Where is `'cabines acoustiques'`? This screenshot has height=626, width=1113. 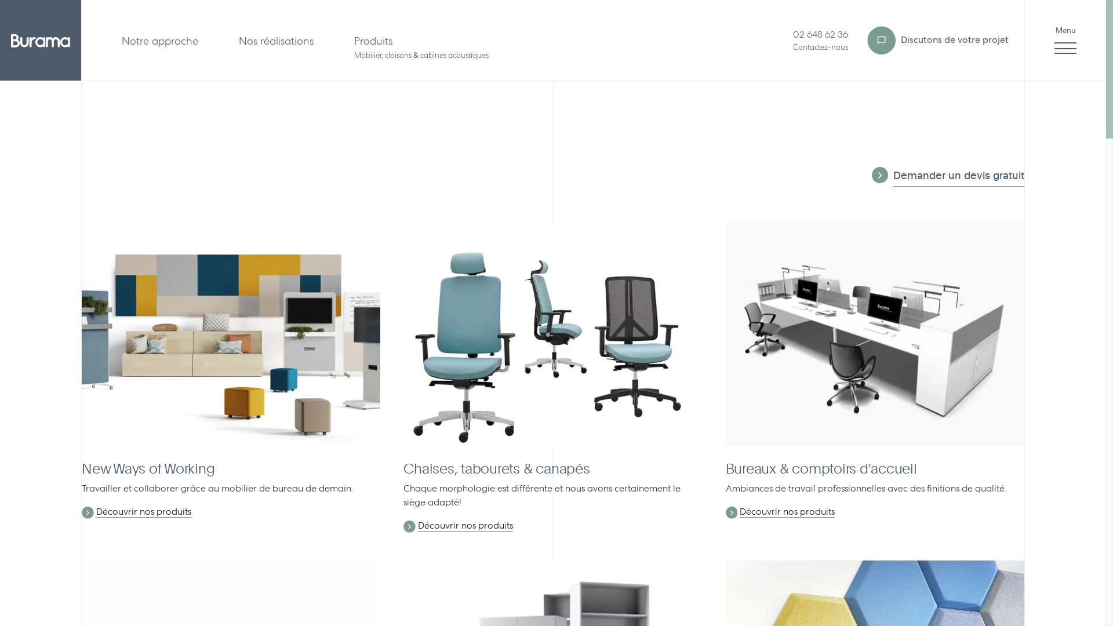
'cabines acoustiques' is located at coordinates (453, 55).